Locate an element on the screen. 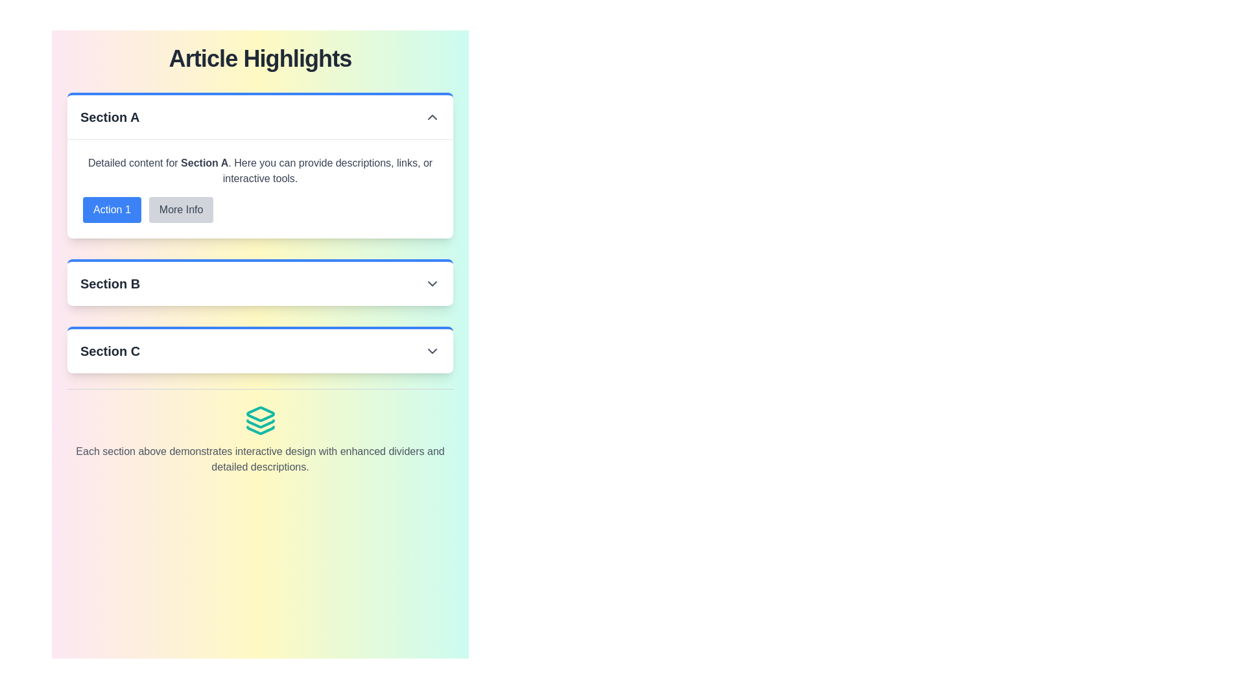 The height and width of the screenshot is (700, 1245). the Text Label indicating 'Section A', which highlights the subtopic within the detailed description is located at coordinates (204, 162).